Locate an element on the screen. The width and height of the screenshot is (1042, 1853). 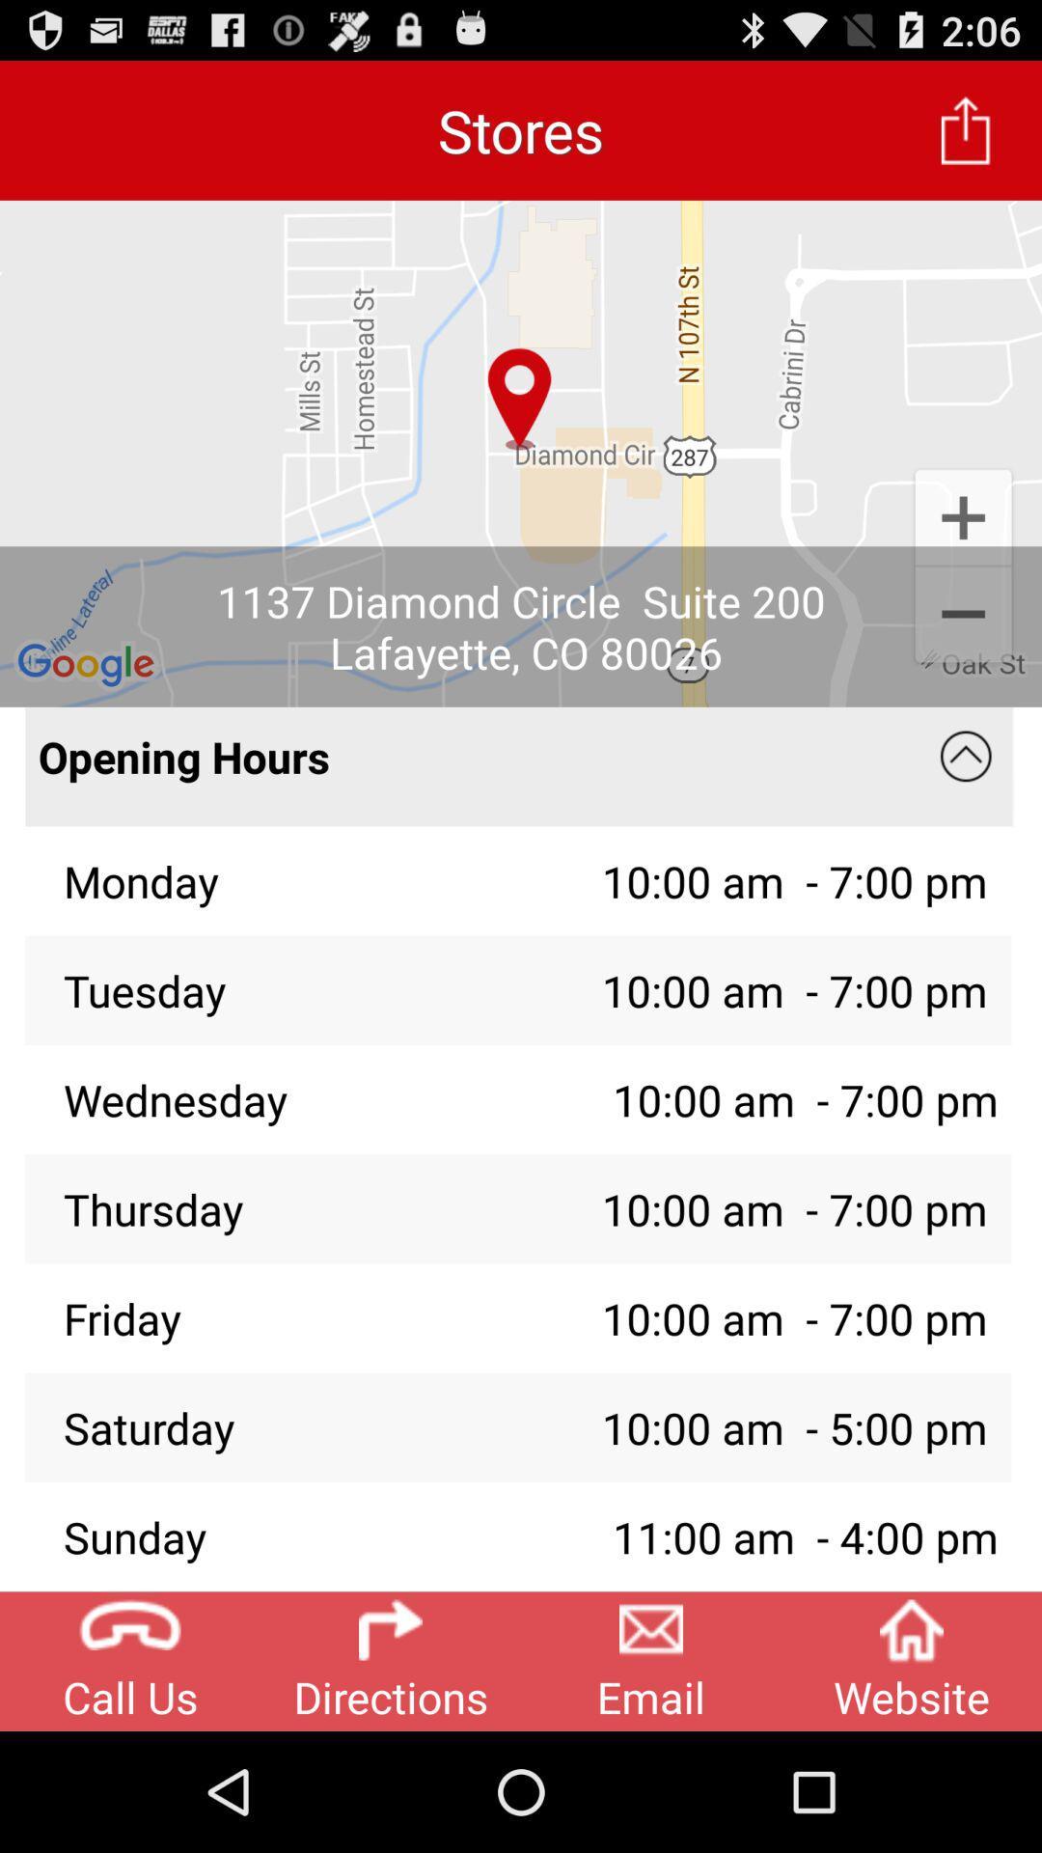
item below 11 00 am icon is located at coordinates (912, 1660).